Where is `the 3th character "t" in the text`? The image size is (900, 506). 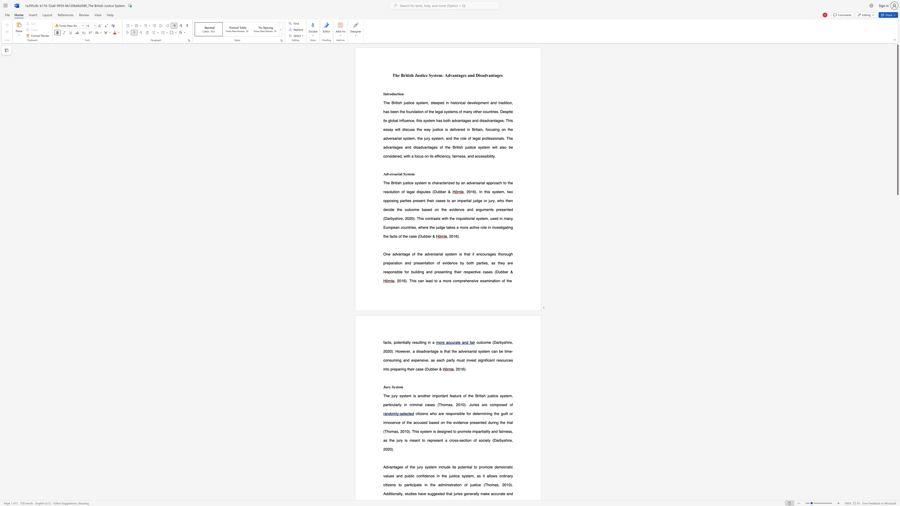
the 3th character "t" in the text is located at coordinates (507, 191).